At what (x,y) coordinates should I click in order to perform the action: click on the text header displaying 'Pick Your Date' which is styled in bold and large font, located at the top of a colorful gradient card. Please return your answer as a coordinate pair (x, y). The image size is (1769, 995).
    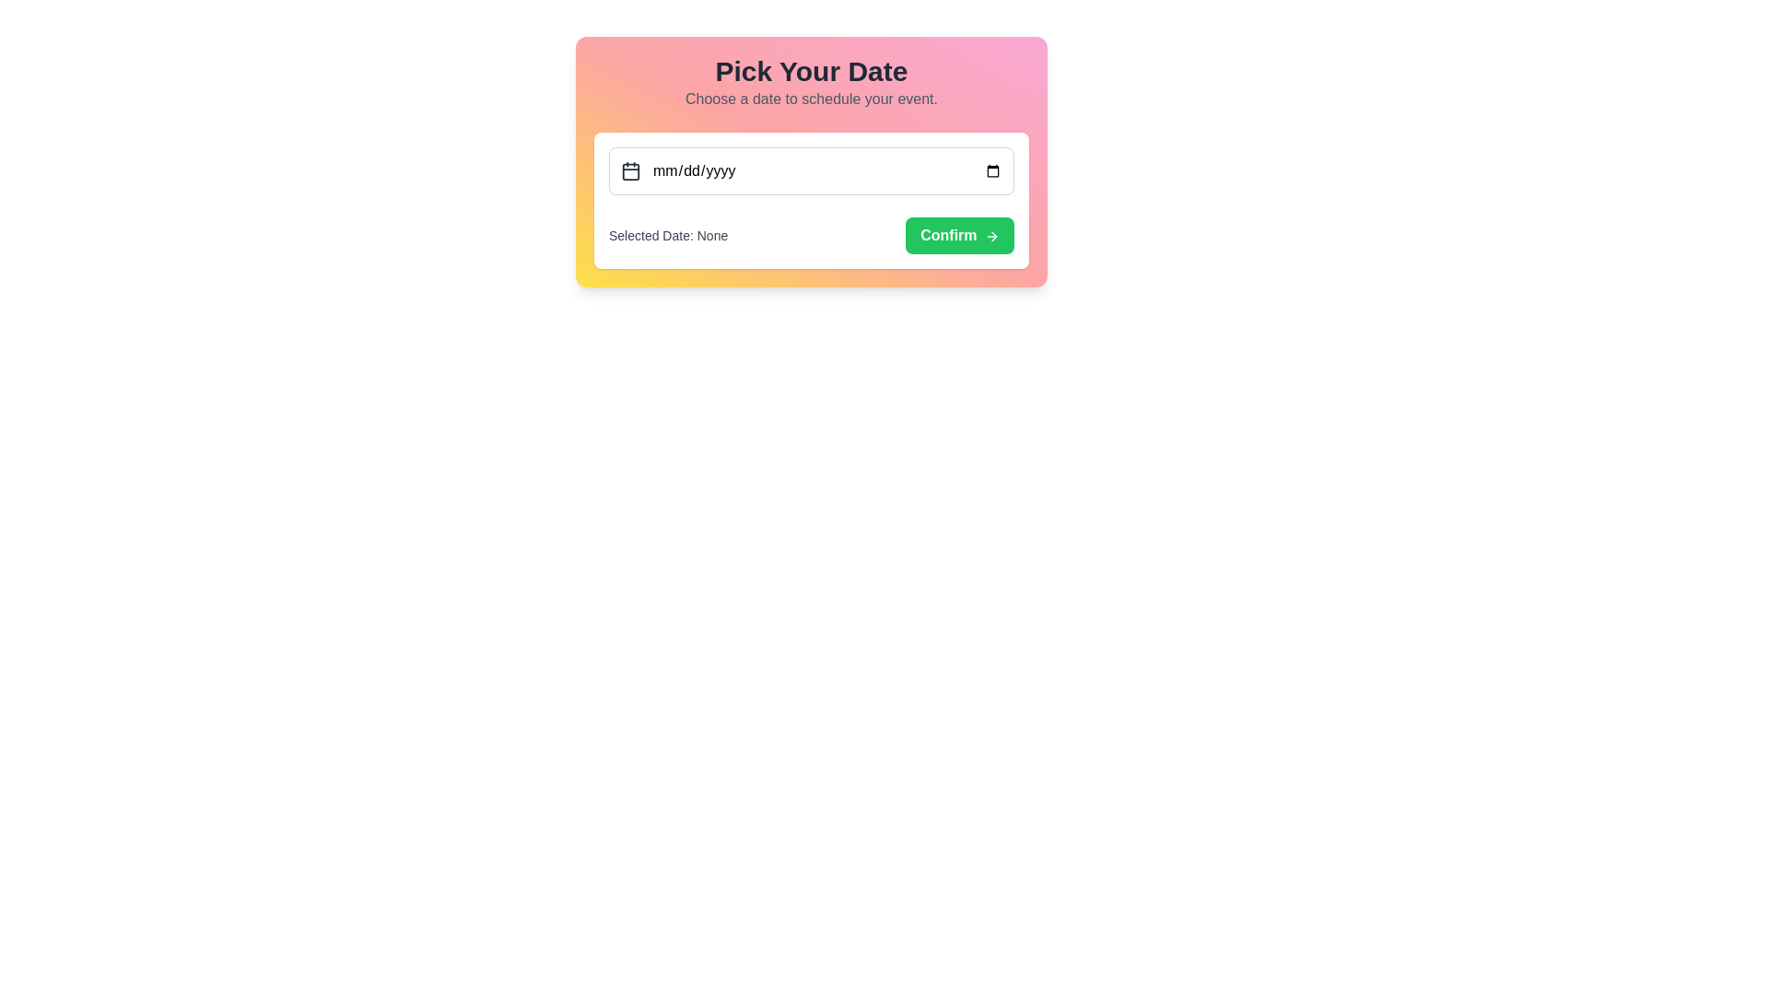
    Looking at the image, I should click on (811, 70).